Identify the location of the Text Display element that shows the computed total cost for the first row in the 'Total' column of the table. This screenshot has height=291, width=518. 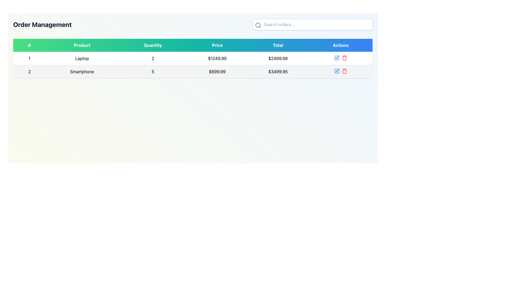
(278, 58).